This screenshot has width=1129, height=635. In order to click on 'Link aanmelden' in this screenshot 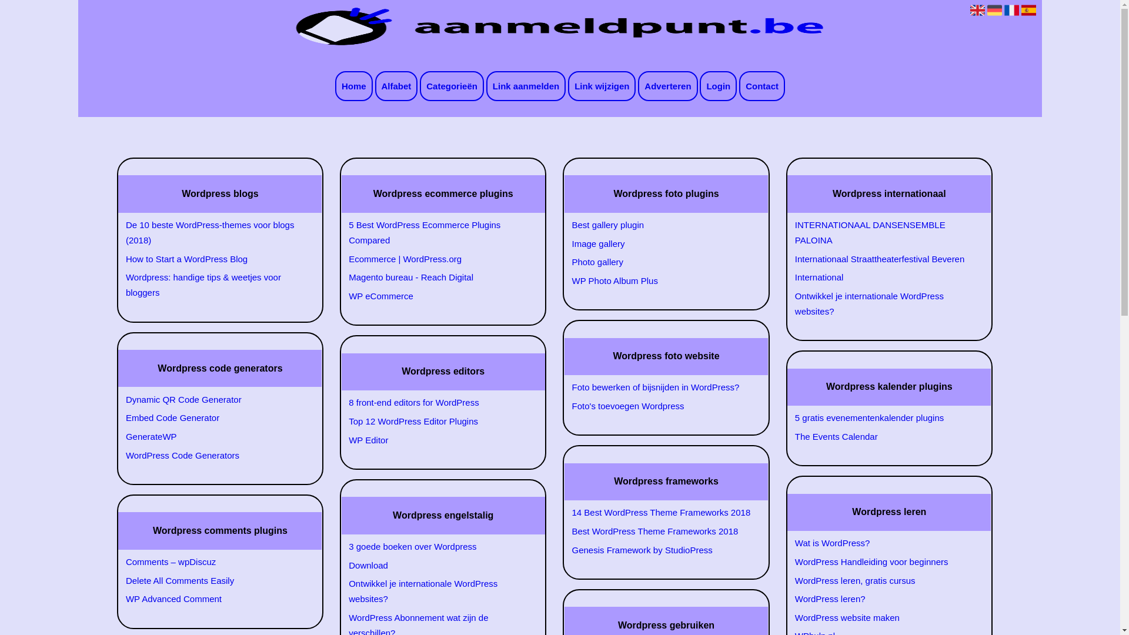, I will do `click(486, 85)`.